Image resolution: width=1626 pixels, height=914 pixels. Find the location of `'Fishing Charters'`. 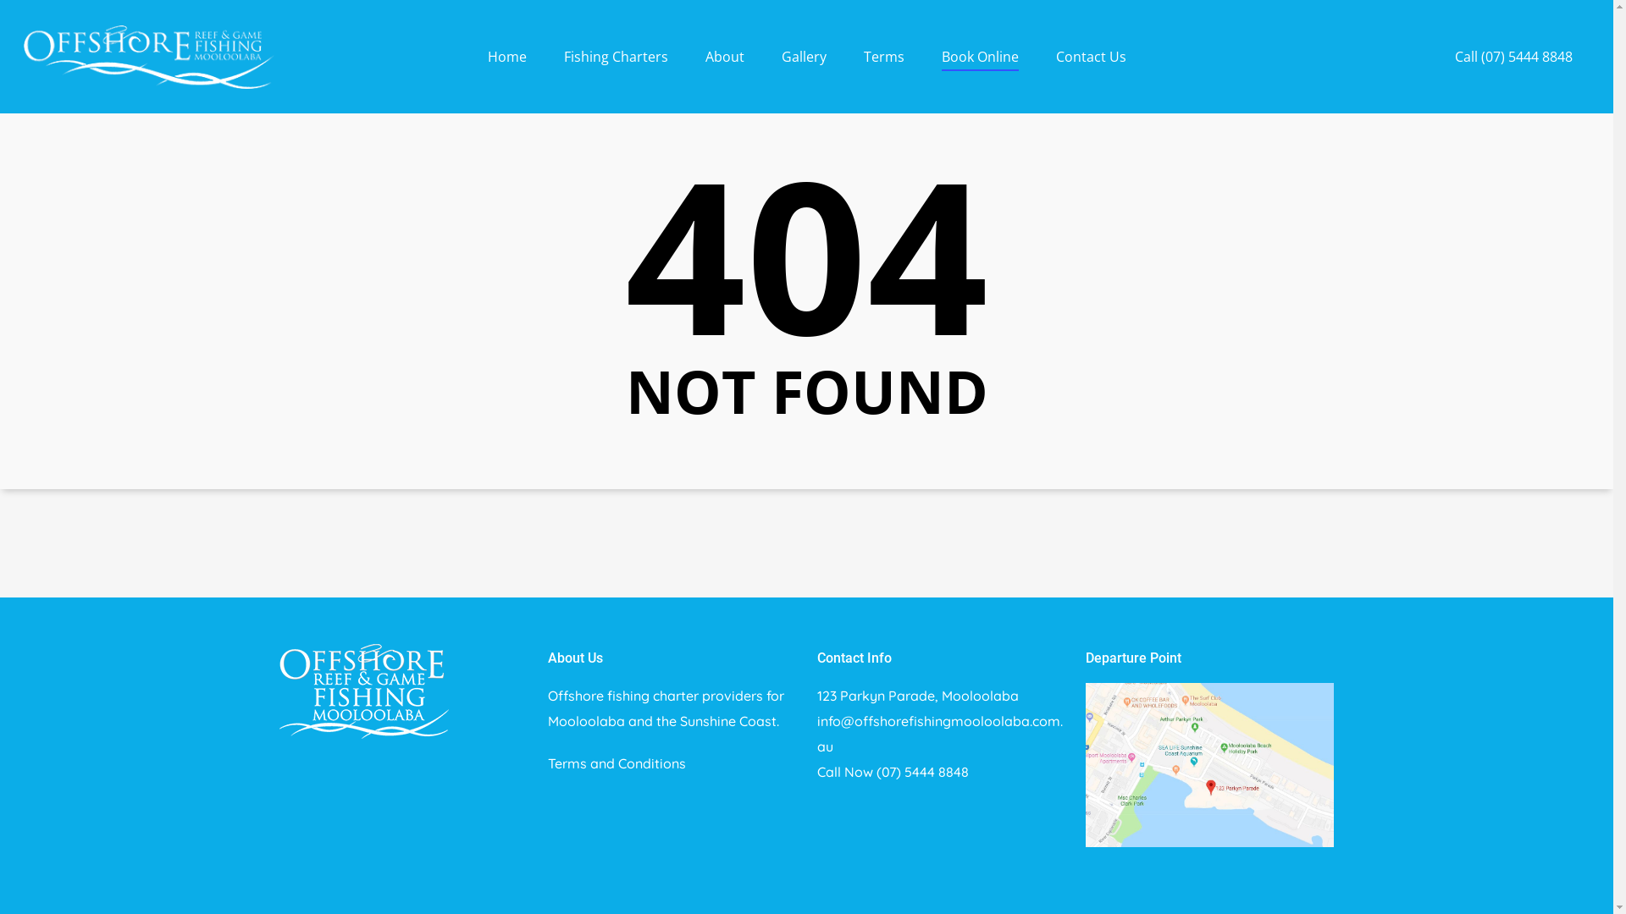

'Fishing Charters' is located at coordinates (615, 68).